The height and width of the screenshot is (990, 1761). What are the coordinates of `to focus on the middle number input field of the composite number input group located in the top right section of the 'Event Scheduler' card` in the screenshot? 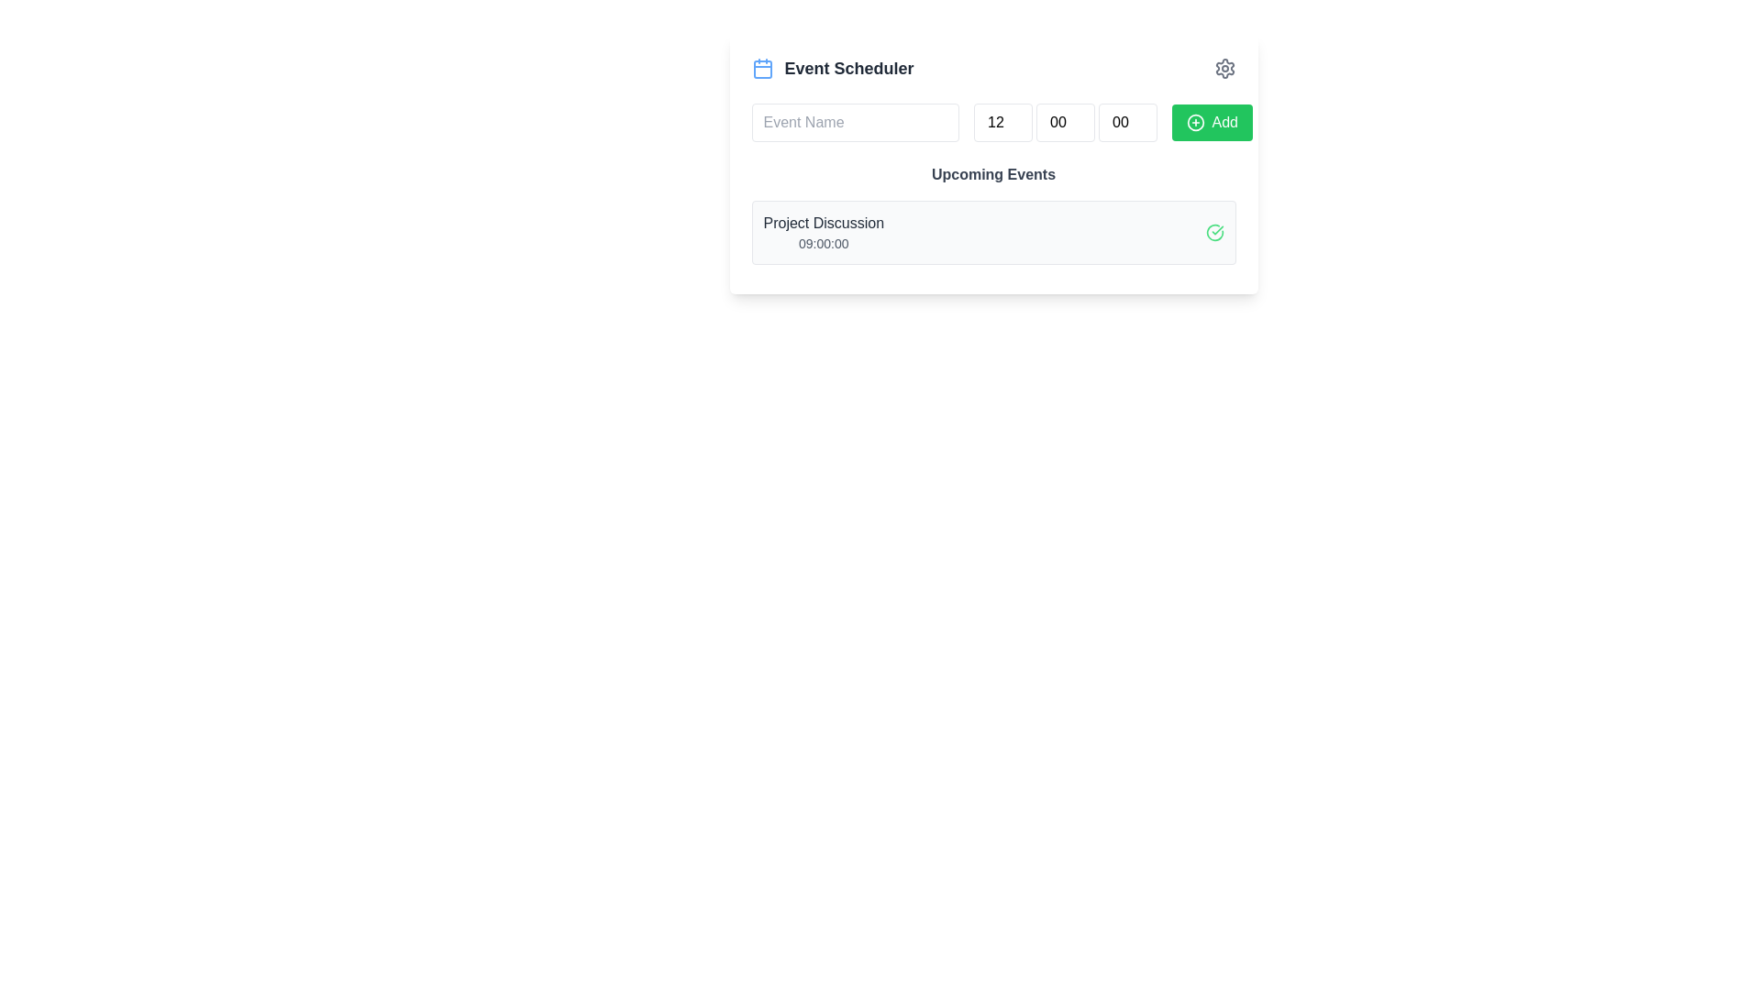 It's located at (1065, 123).